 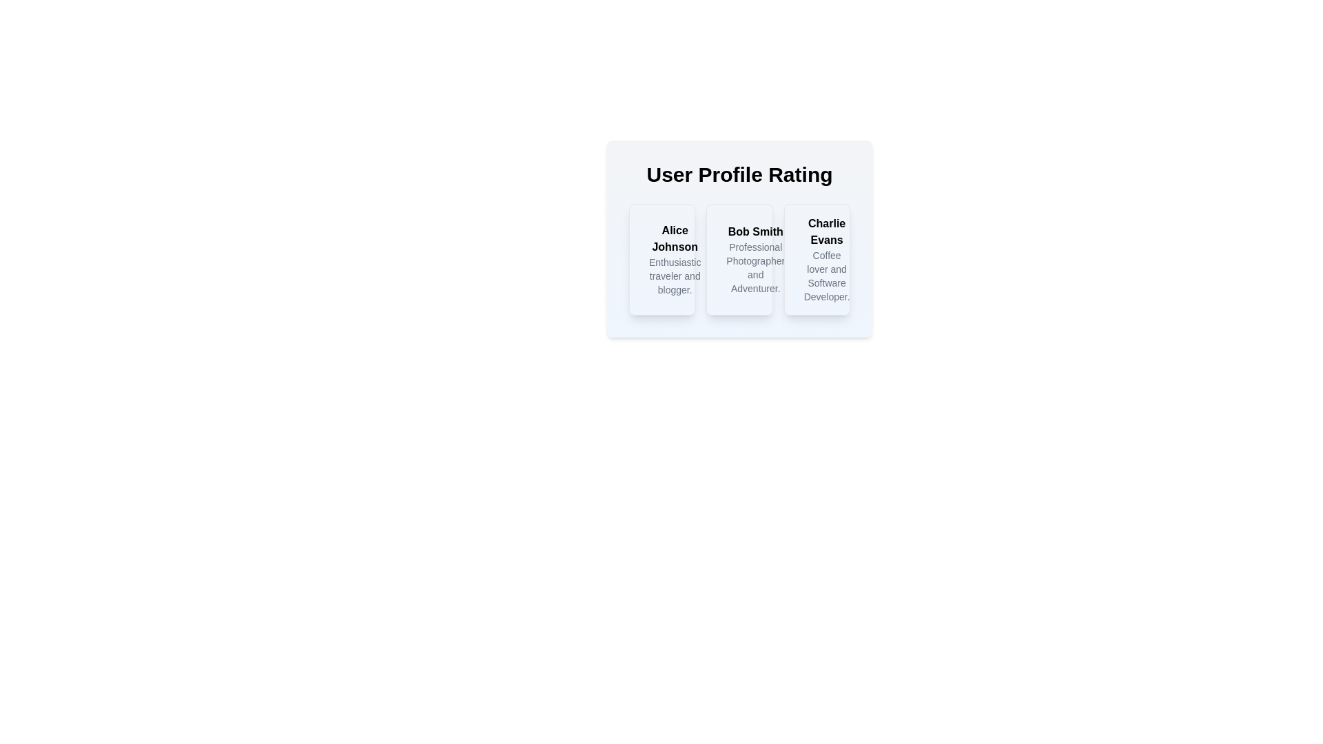 What do you see at coordinates (817, 260) in the screenshot?
I see `the card surrounding the Profile Information Display for interaction, which features the name 'Charlie Evans' and is located within the third card under 'User Profile Rating.'` at bounding box center [817, 260].